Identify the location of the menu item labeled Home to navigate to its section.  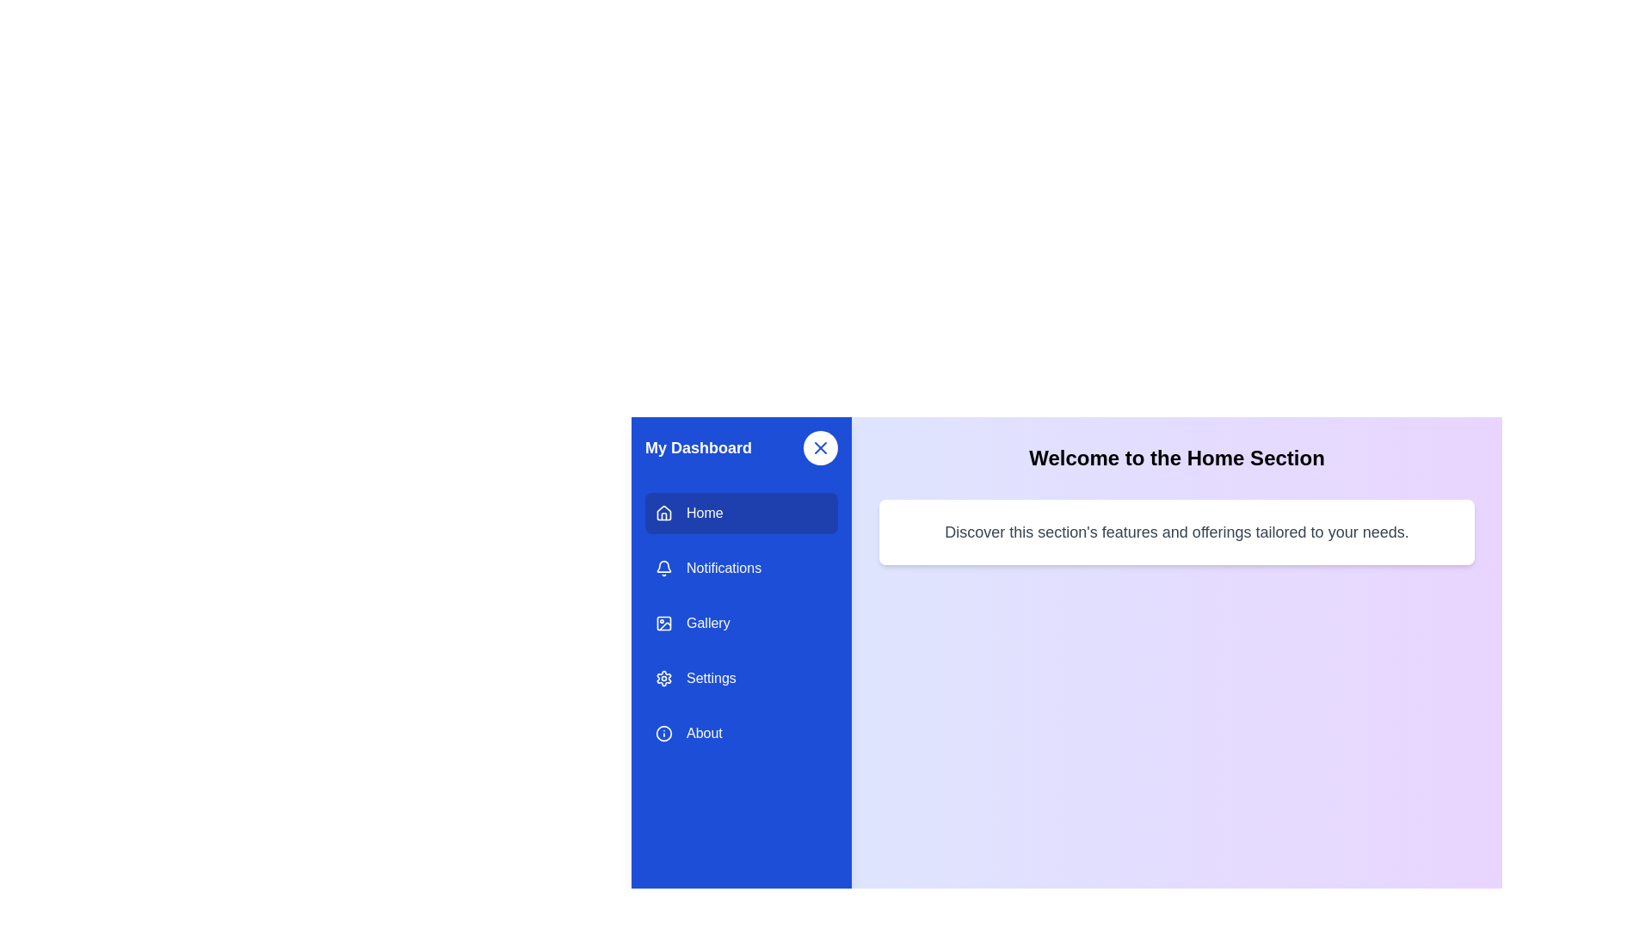
(742, 513).